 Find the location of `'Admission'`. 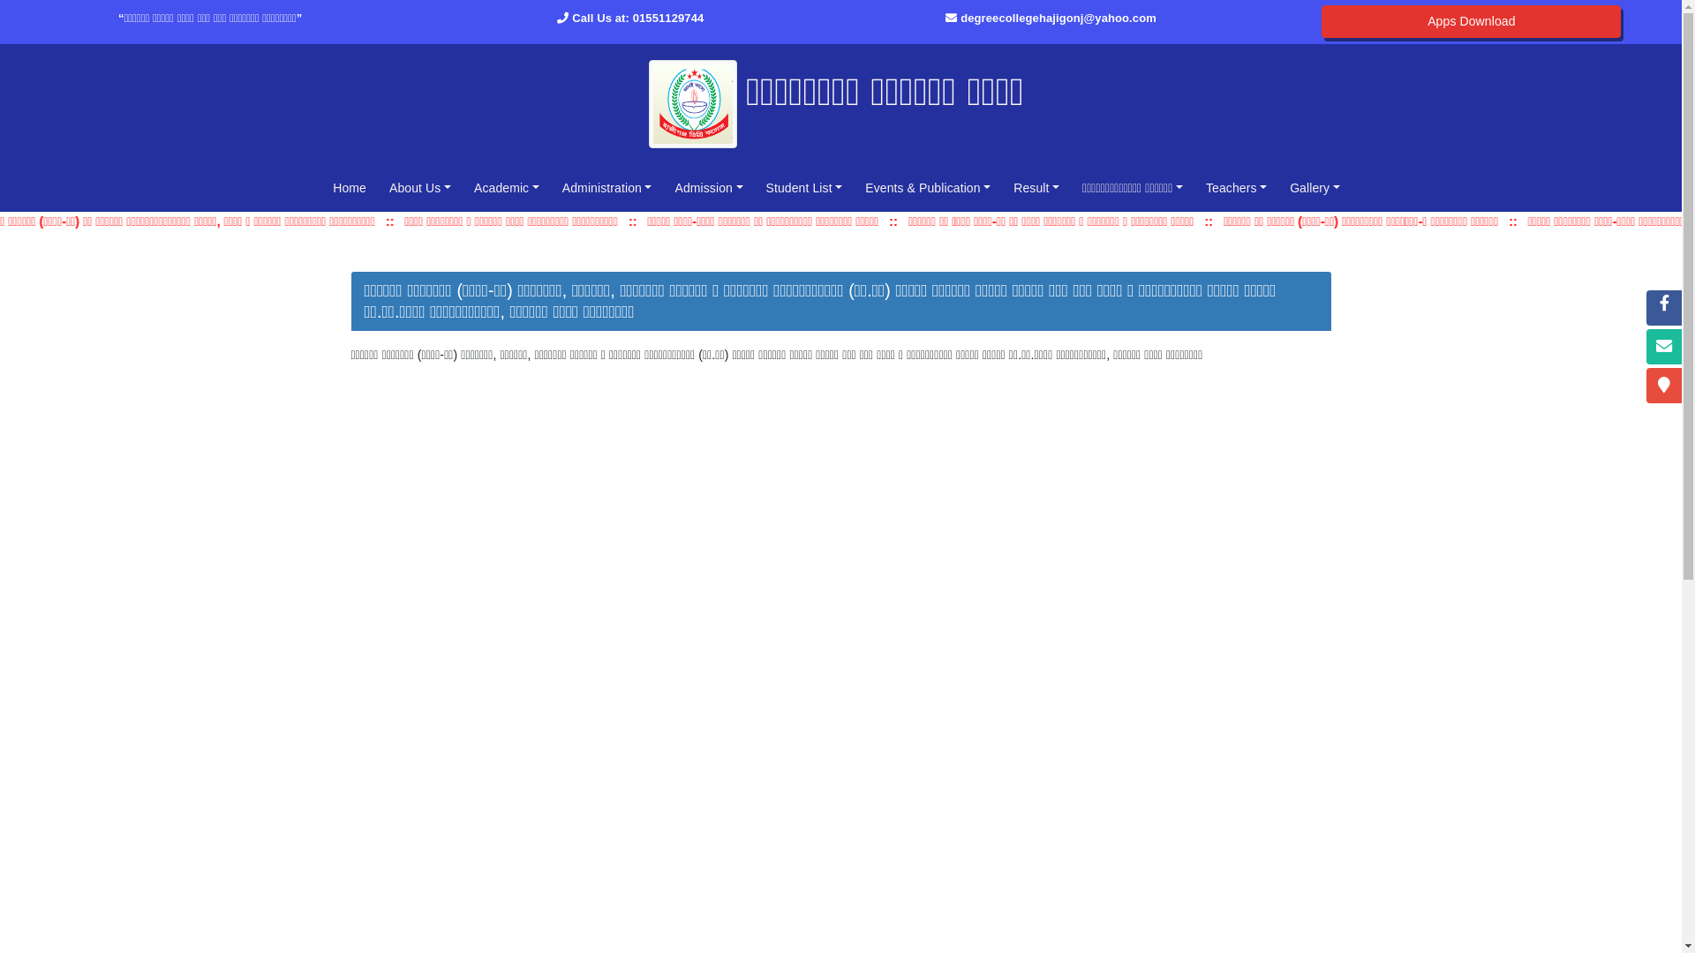

'Admission' is located at coordinates (708, 187).